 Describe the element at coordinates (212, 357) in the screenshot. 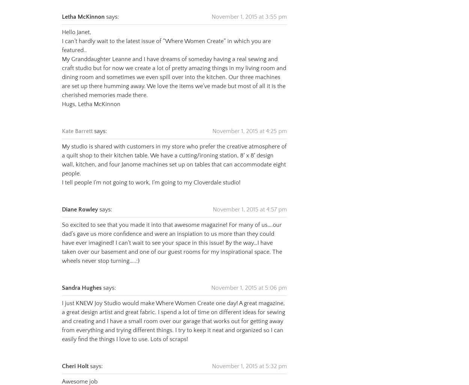

I see `'November 1, 2015 at 5:32 pm'` at that location.